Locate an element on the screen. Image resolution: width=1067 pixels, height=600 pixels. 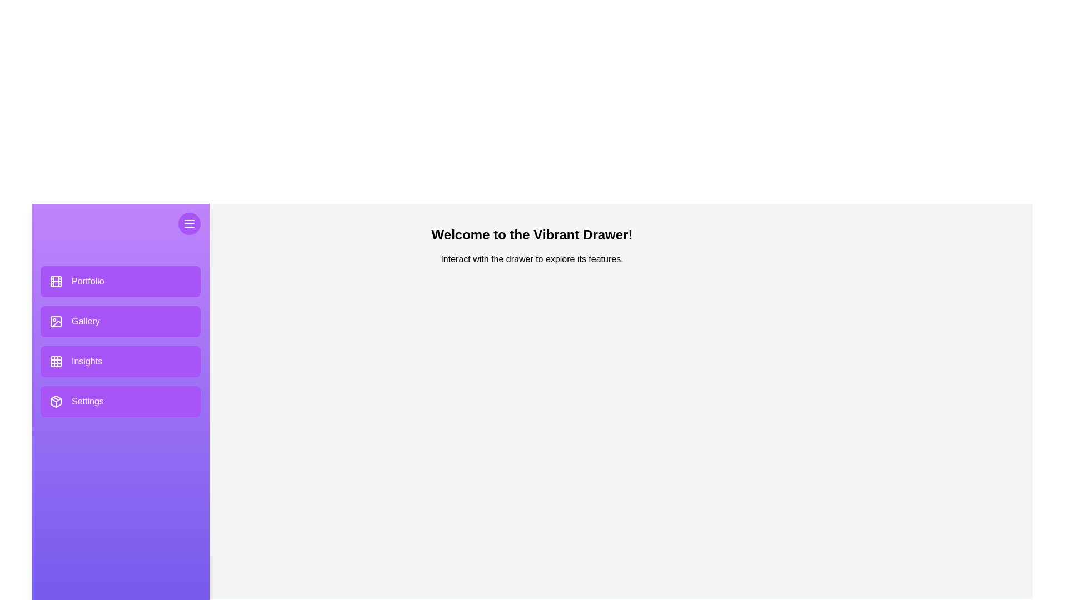
the 'Insights' button in the drawer to navigate to its section is located at coordinates (120, 362).